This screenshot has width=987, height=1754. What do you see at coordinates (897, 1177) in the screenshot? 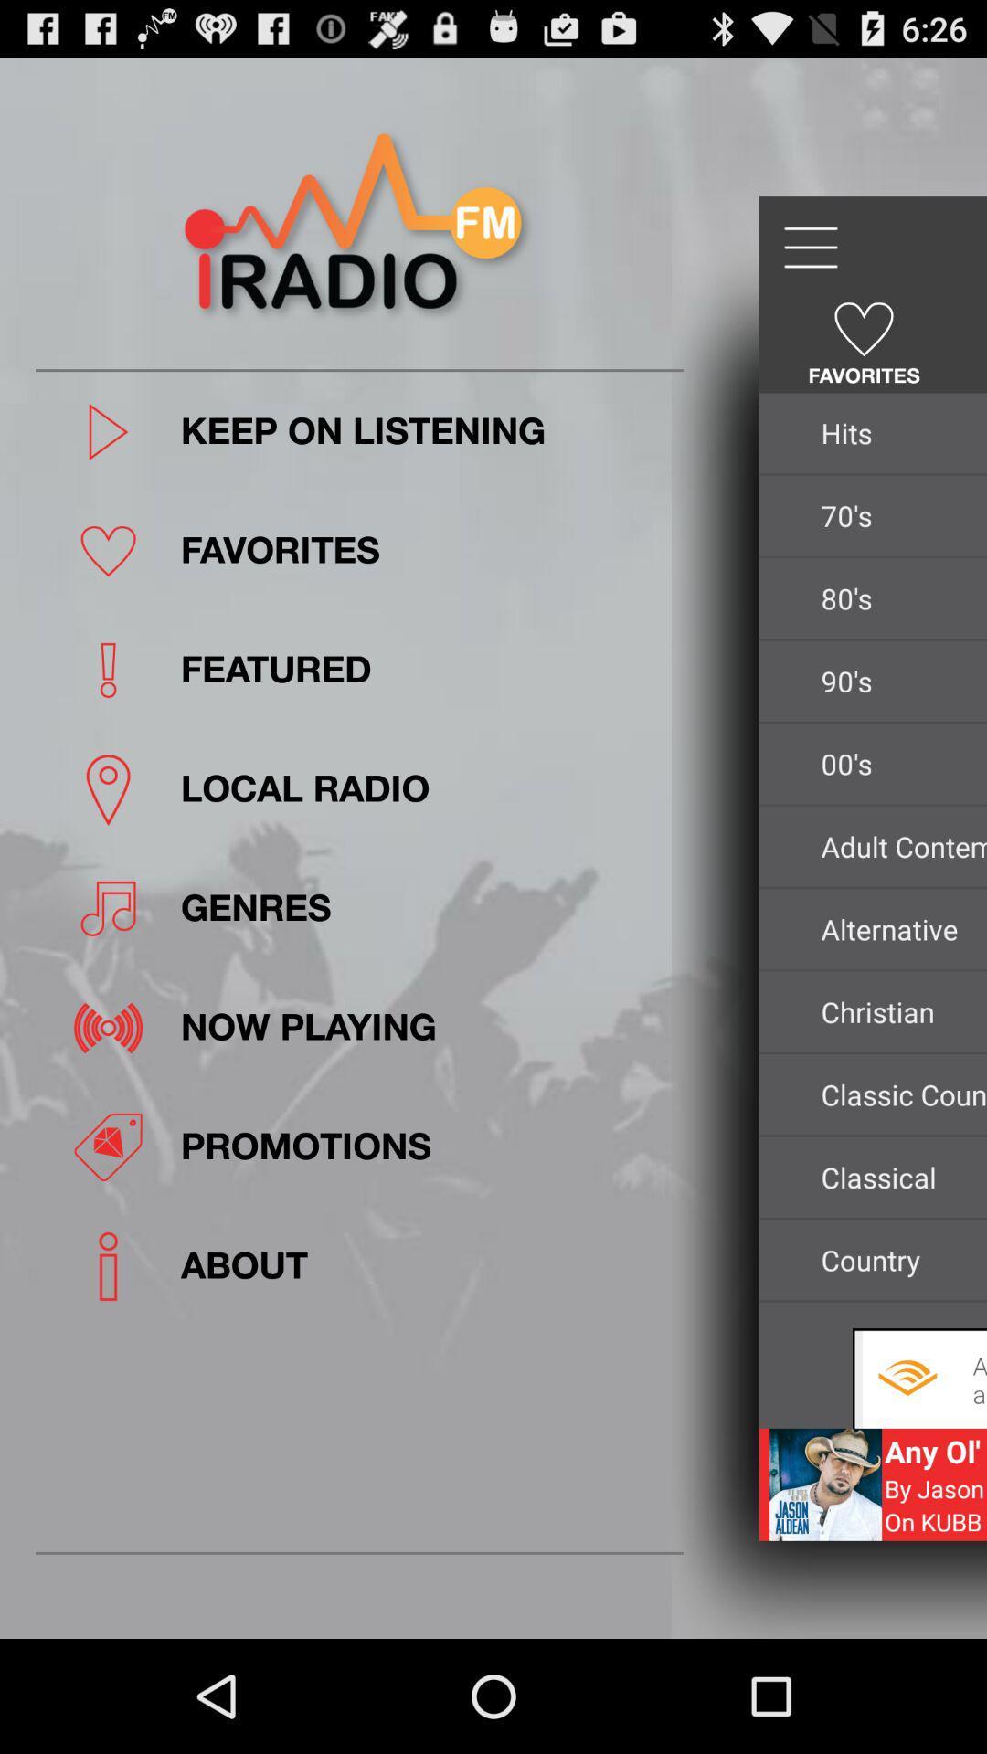
I see `the icon above country` at bounding box center [897, 1177].